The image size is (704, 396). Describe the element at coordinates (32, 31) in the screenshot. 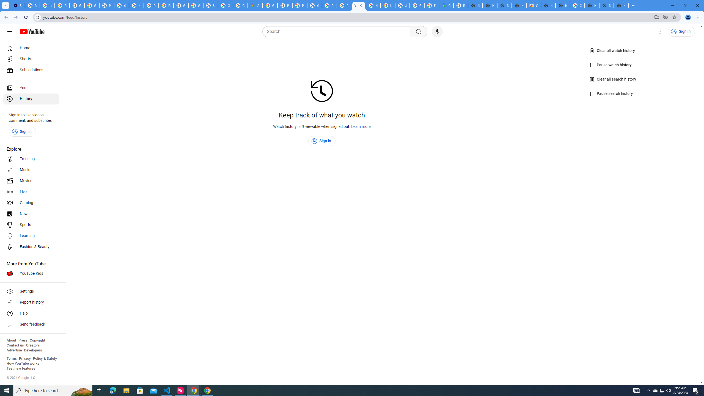

I see `'YouTube Home'` at that location.